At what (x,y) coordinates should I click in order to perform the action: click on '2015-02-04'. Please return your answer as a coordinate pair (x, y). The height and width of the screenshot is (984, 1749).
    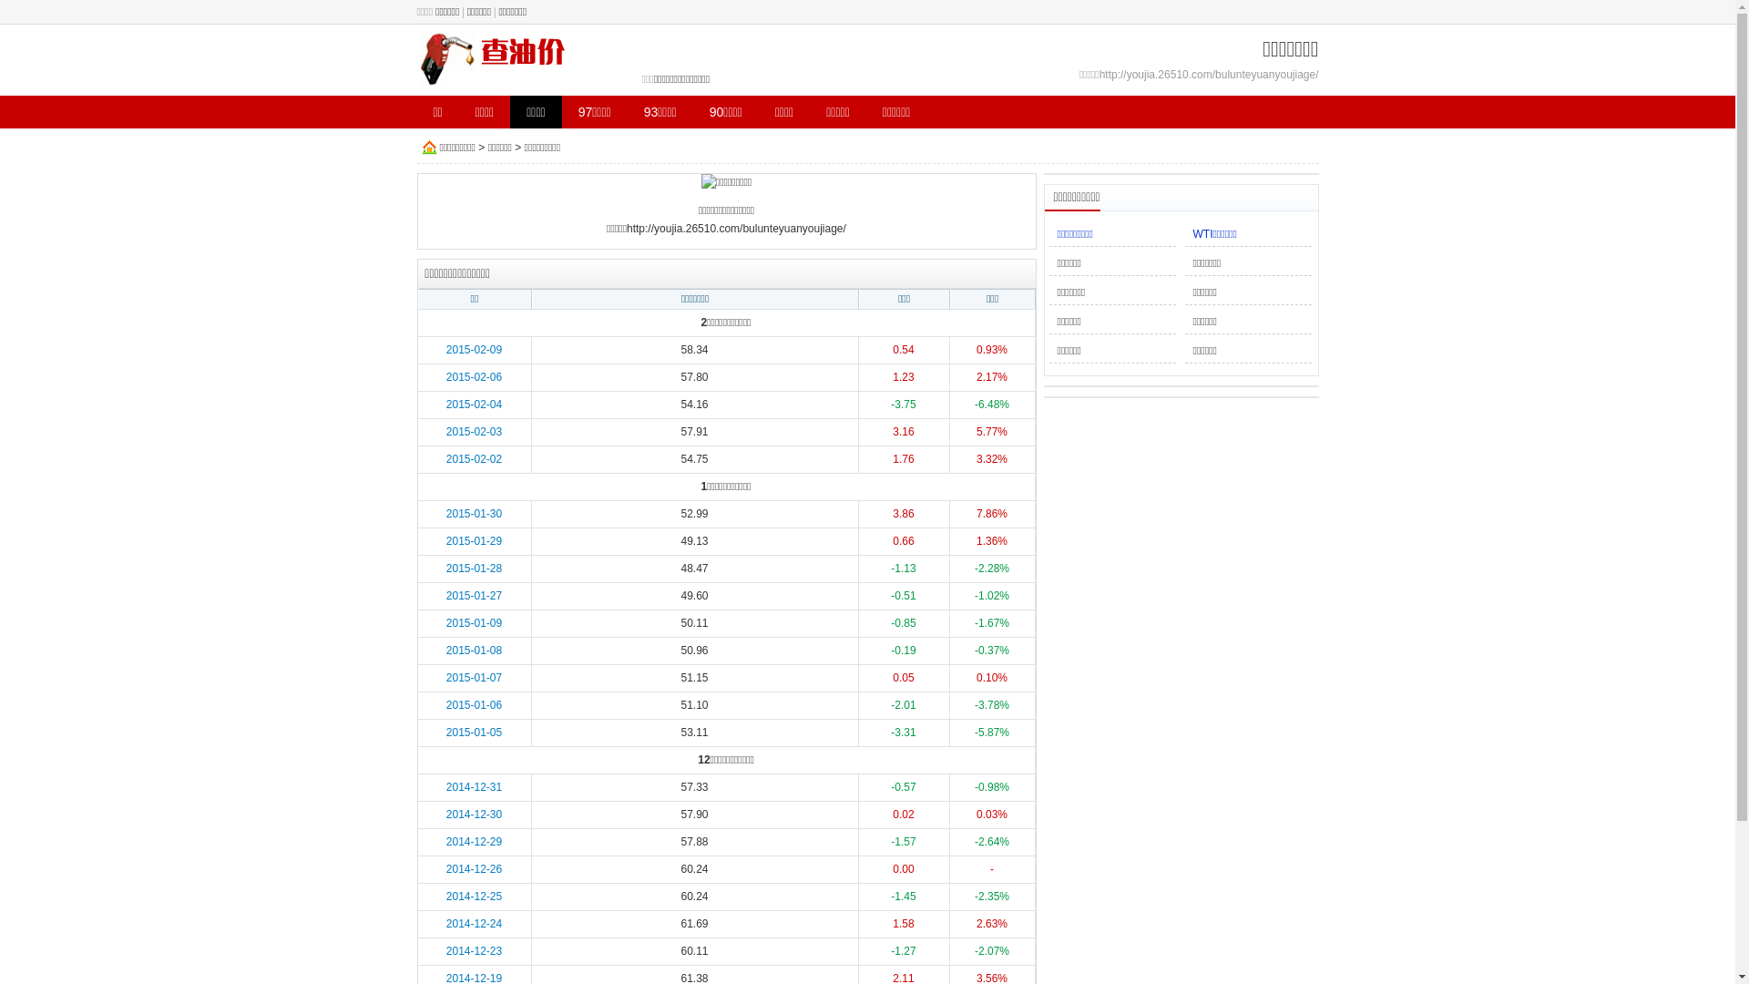
    Looking at the image, I should click on (474, 403).